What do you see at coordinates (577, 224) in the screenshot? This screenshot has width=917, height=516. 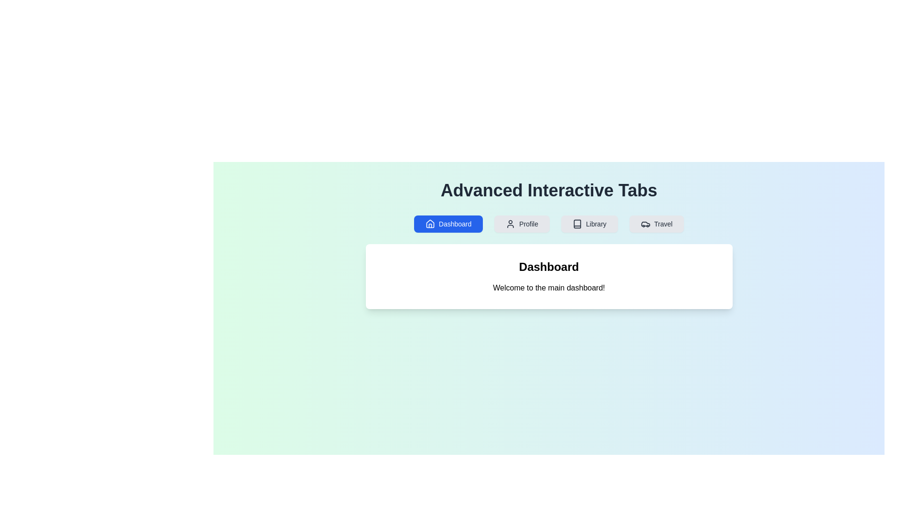 I see `properties of the stylized book icon located in the third tab labeled 'Library' within the navigation bar` at bounding box center [577, 224].